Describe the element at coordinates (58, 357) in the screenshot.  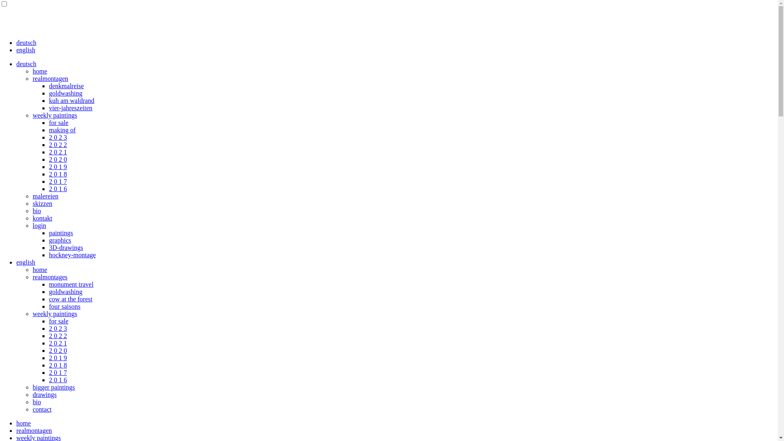
I see `'2 0 1 9'` at that location.